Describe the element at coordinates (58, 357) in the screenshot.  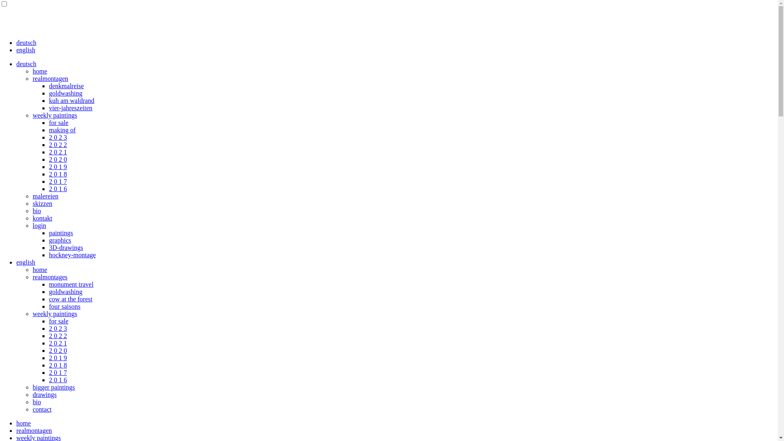
I see `'2 0 1 9'` at that location.